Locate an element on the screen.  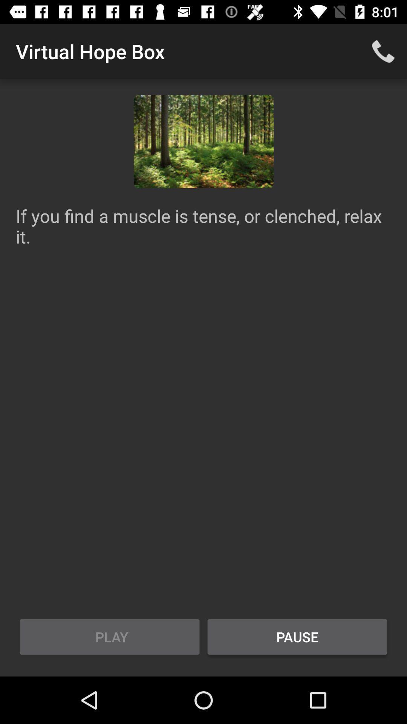
the icon to the right of the virtual hope box app is located at coordinates (383, 51).